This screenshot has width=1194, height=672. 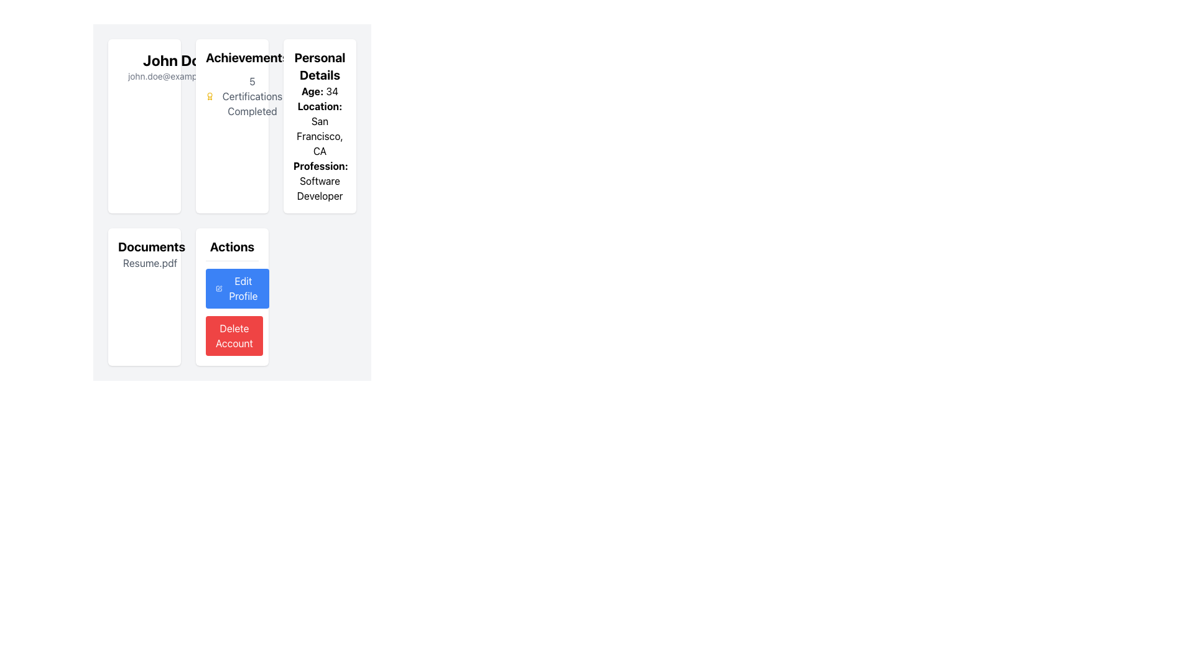 What do you see at coordinates (210, 95) in the screenshot?
I see `the achievement indicator icon located in the 'Achievements' section, which visually represents the number of certifications completed by the user` at bounding box center [210, 95].